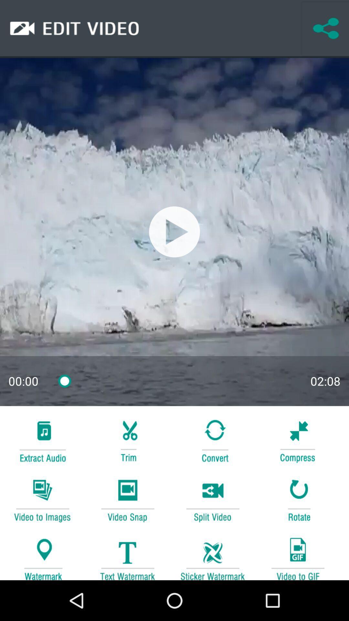  Describe the element at coordinates (325, 28) in the screenshot. I see `share the video` at that location.